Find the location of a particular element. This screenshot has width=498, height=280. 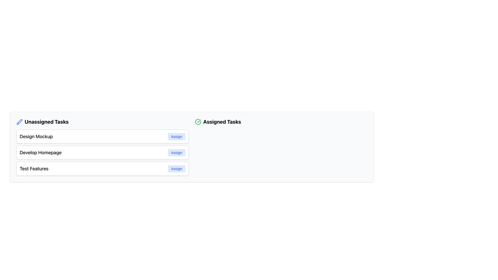

the small button labeled 'Assign' with a light blue background, located to the right of 'Develop Homepage' is located at coordinates (177, 152).